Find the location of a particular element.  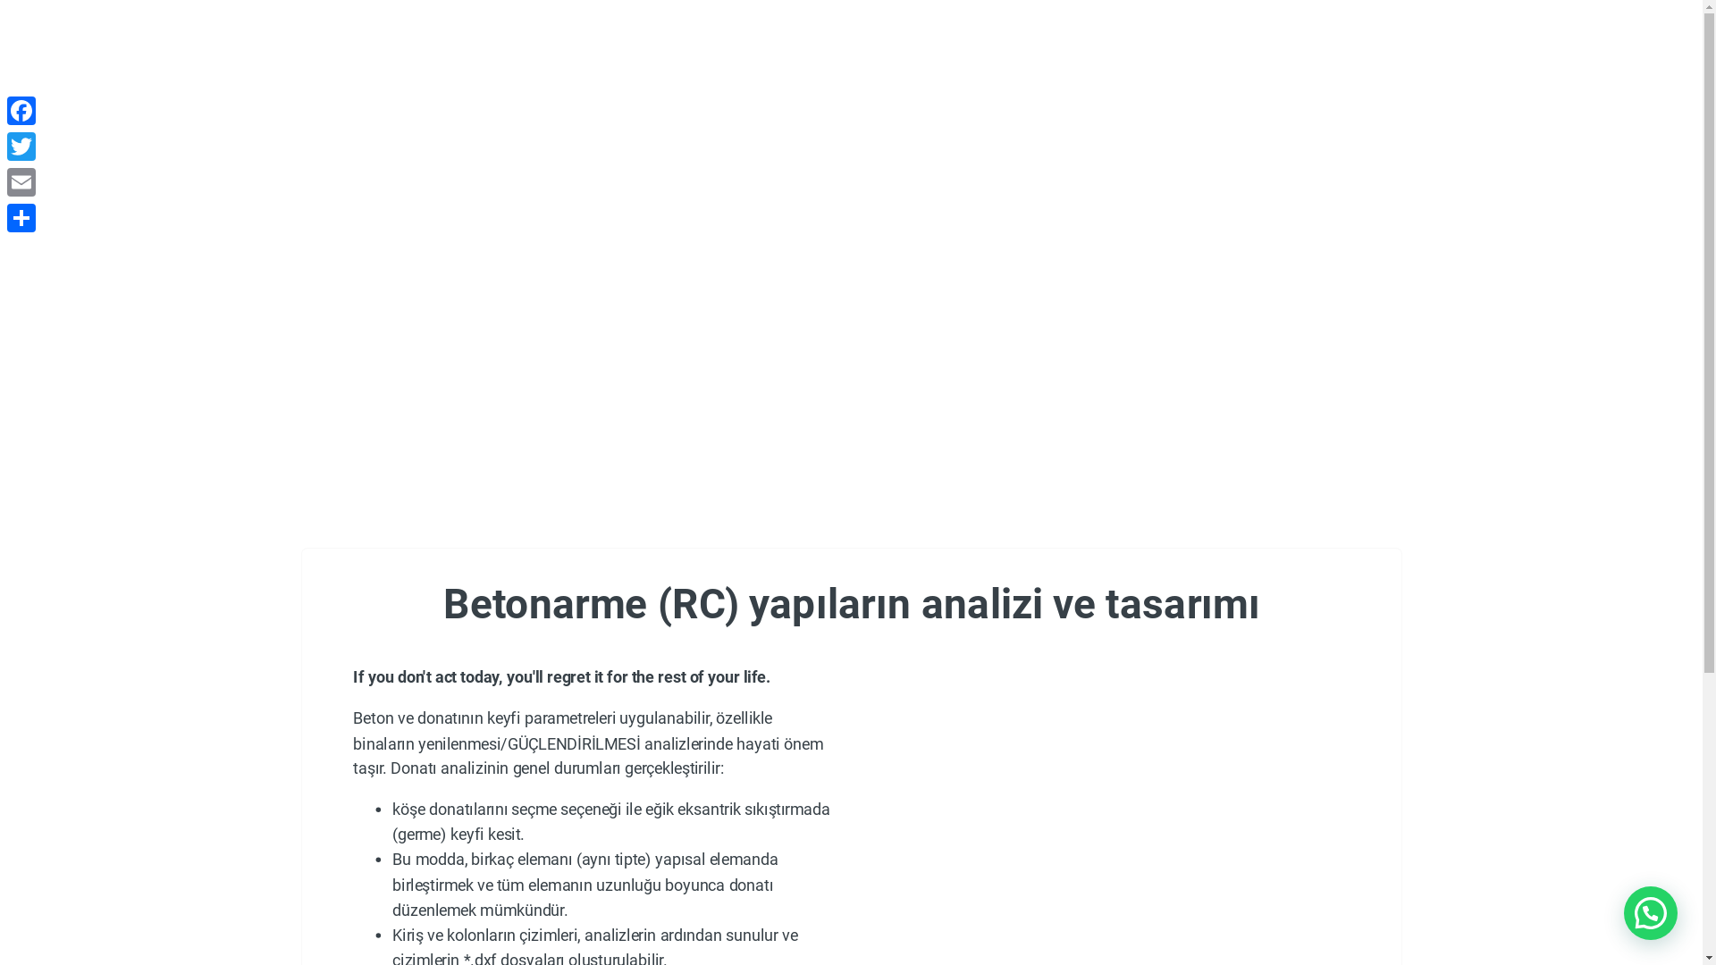

'Share' is located at coordinates (21, 216).